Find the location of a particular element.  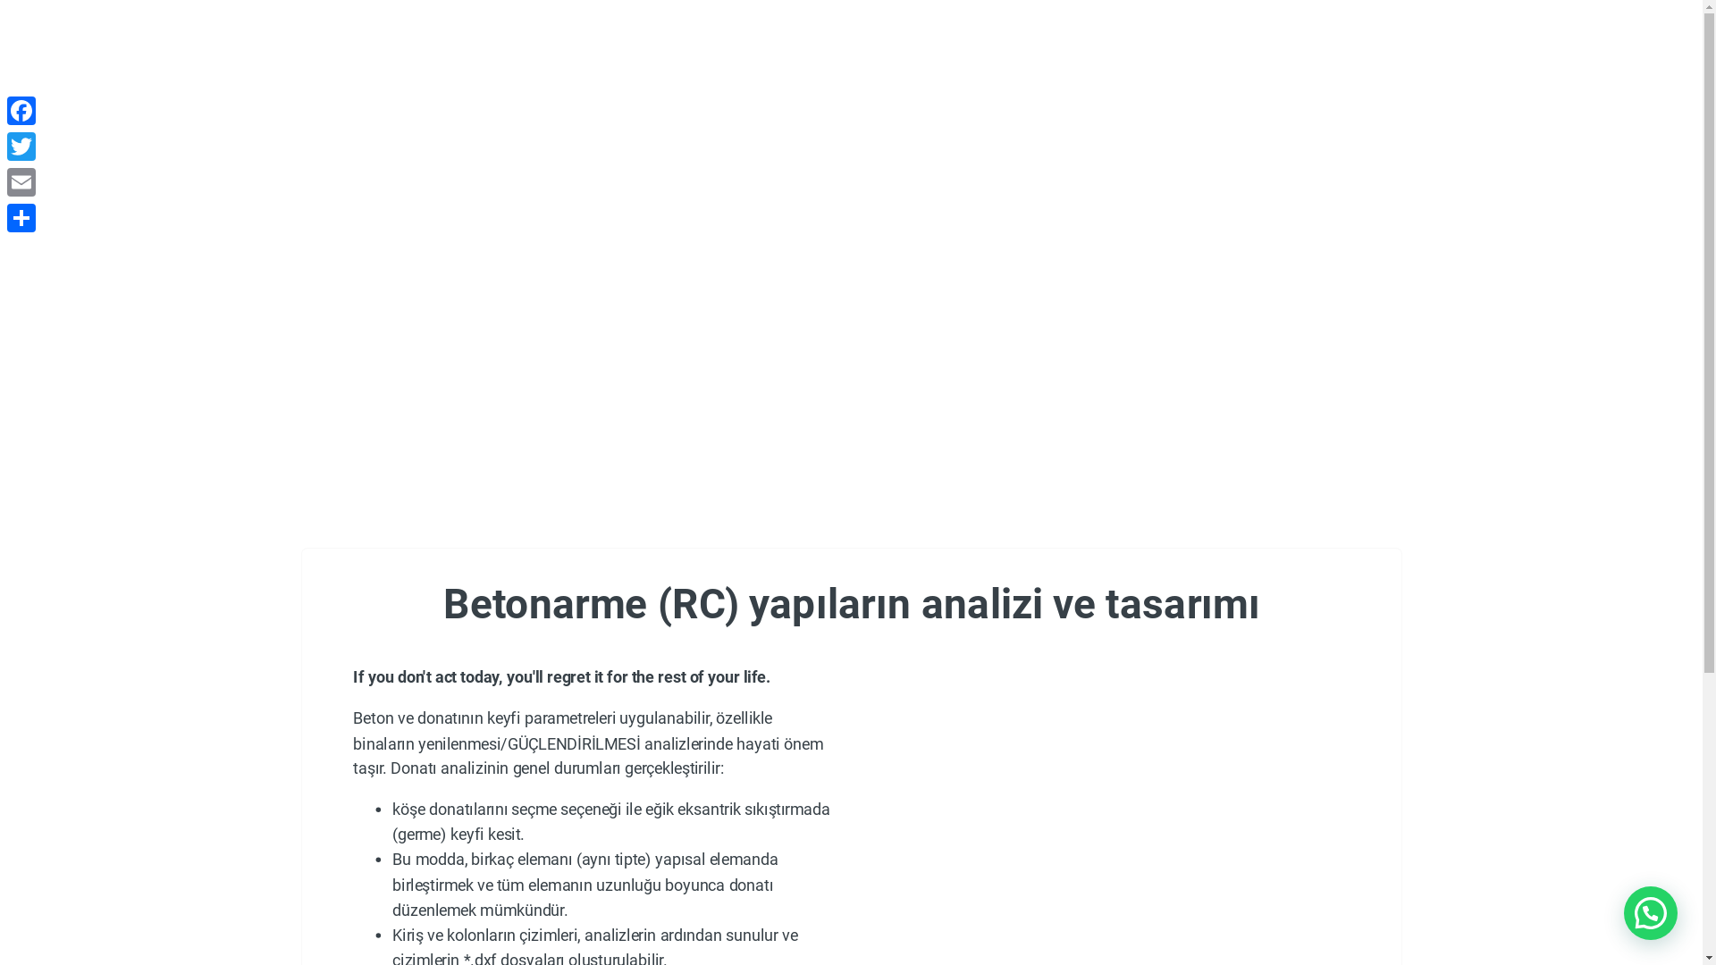

'Share' is located at coordinates (21, 216).